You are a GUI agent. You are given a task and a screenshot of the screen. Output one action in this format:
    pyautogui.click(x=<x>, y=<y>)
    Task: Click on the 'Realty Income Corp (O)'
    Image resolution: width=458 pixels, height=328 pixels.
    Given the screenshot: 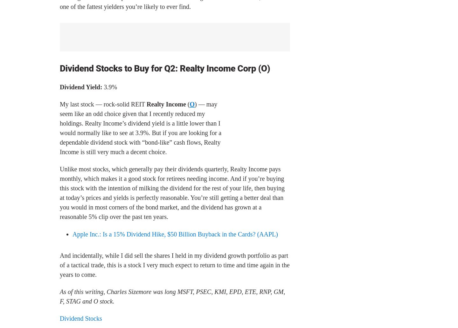 What is the action you would take?
    pyautogui.click(x=180, y=68)
    